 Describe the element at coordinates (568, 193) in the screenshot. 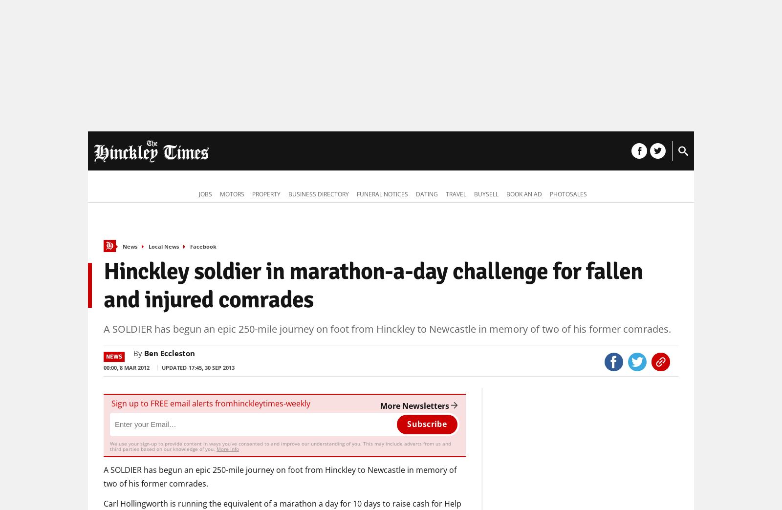

I see `'Photosales'` at that location.